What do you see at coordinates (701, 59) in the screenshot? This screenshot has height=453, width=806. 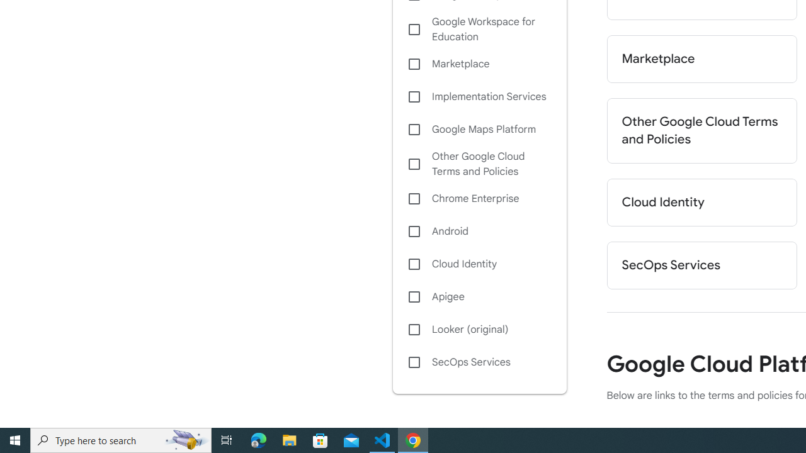 I see `'Marketplace'` at bounding box center [701, 59].